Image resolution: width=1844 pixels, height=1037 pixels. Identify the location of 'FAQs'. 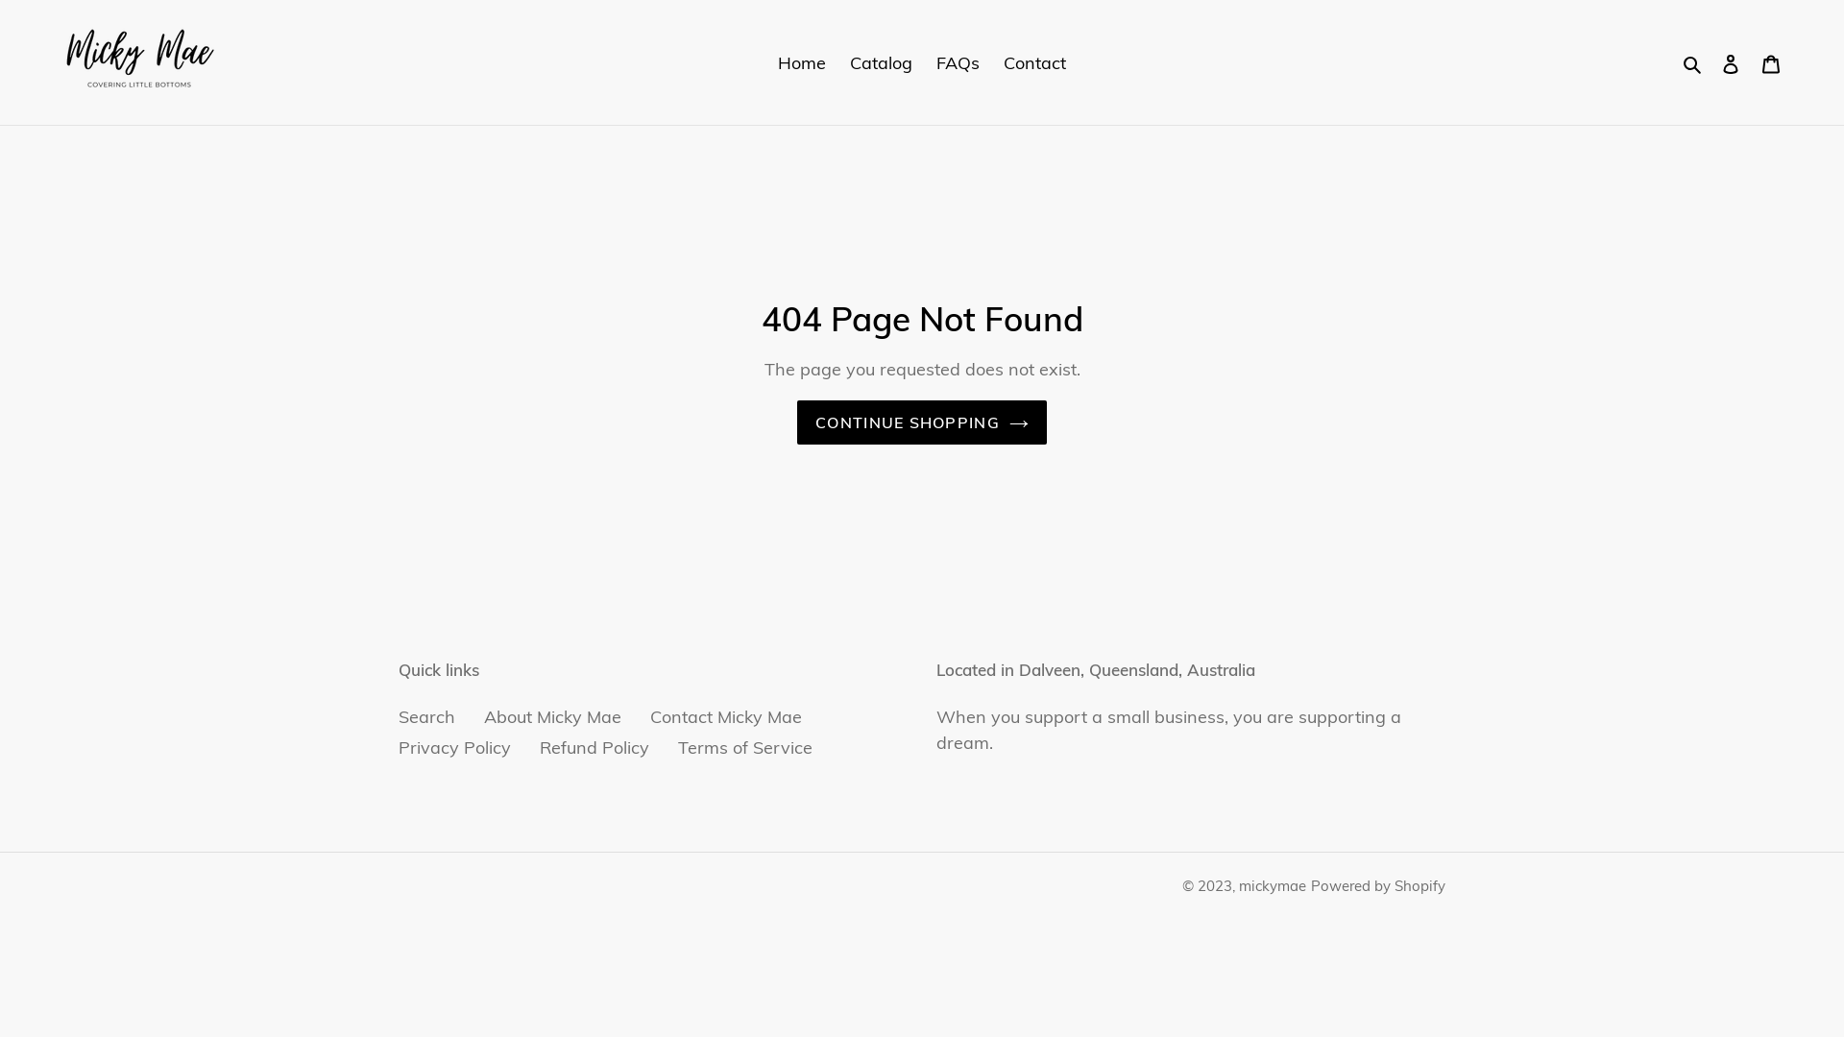
(958, 60).